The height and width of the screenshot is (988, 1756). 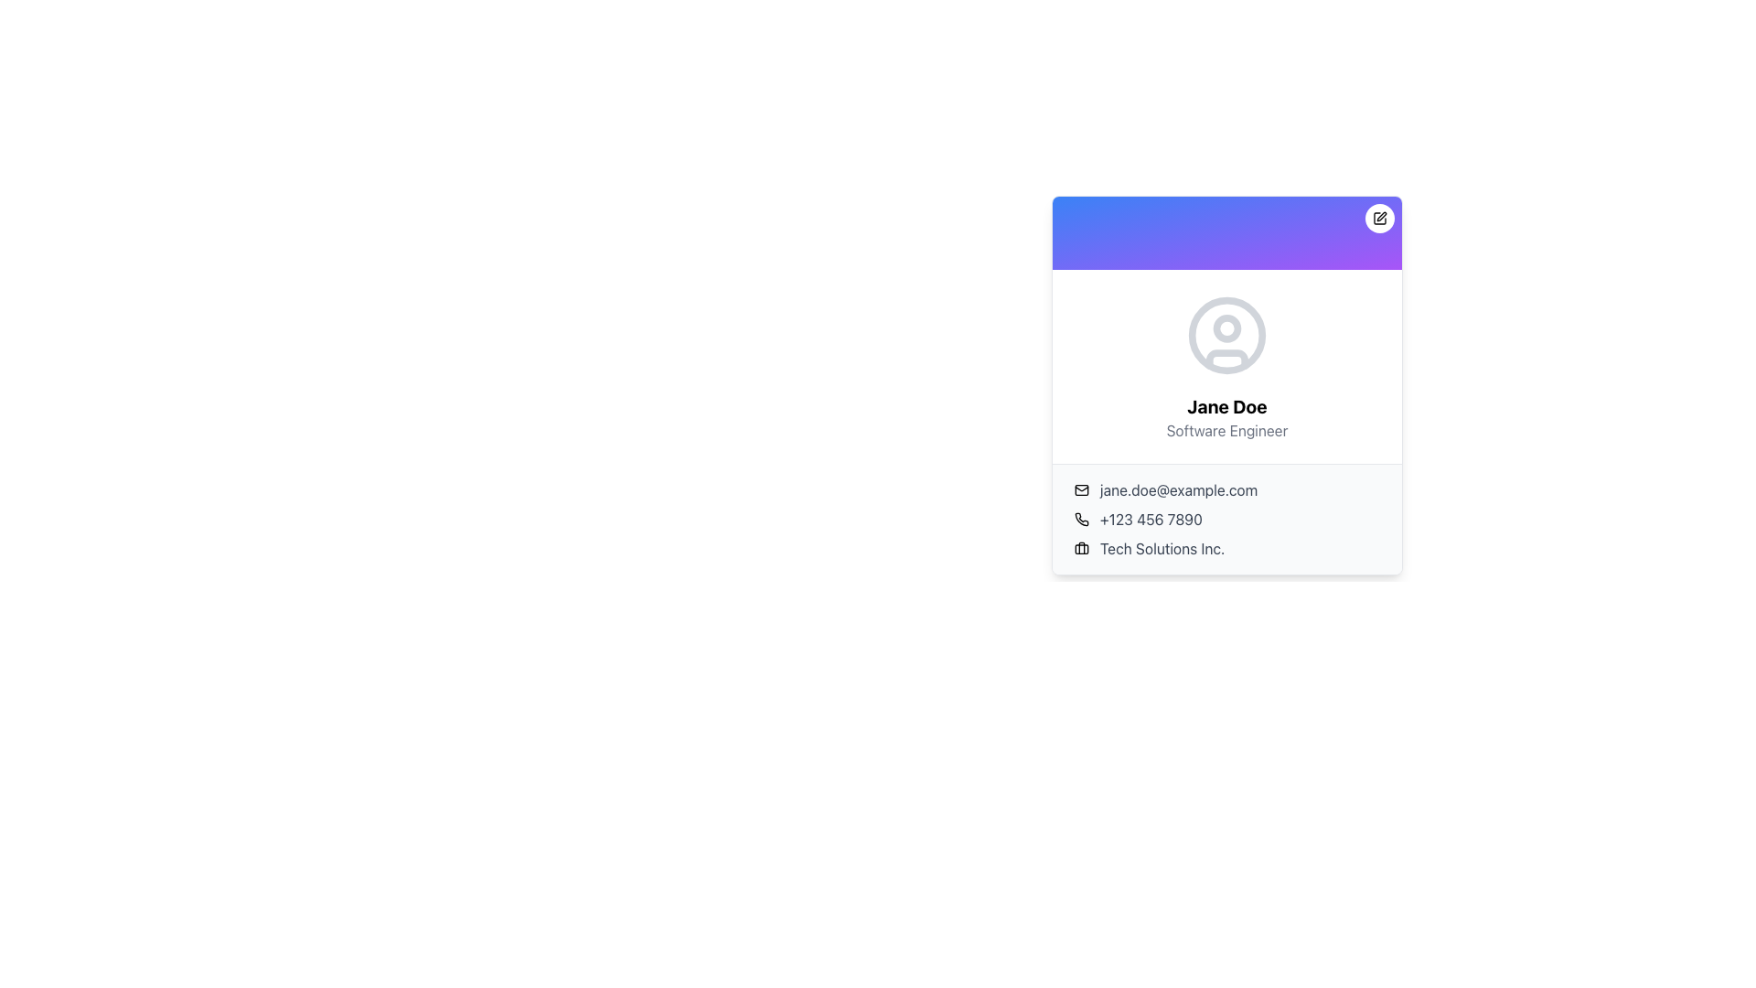 I want to click on the briefcase icon located at the far left of the row containing the text 'Tech Solutions Inc.', positioned at the bottom of a card-like component, so click(x=1081, y=548).